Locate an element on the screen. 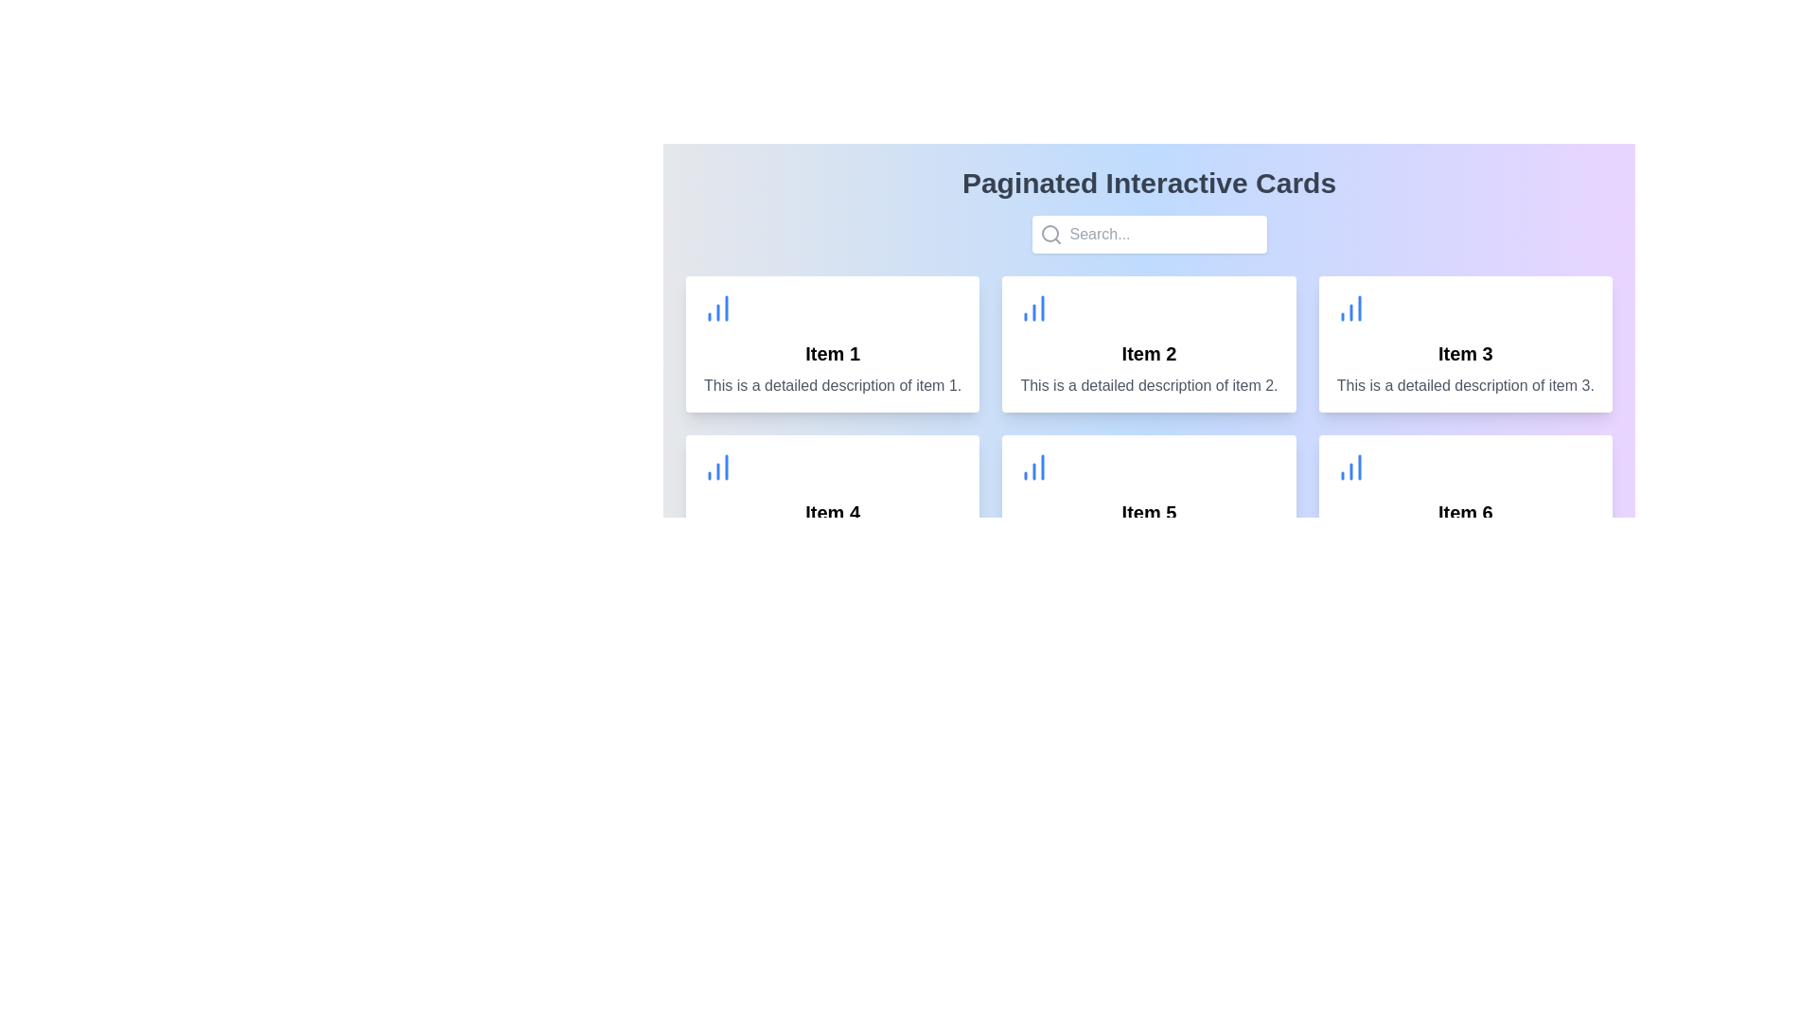 The image size is (1817, 1022). the bold, black stylized text label reading 'Item 2' located in the center of the card's header section in the second column of the first row is located at coordinates (1148, 354).